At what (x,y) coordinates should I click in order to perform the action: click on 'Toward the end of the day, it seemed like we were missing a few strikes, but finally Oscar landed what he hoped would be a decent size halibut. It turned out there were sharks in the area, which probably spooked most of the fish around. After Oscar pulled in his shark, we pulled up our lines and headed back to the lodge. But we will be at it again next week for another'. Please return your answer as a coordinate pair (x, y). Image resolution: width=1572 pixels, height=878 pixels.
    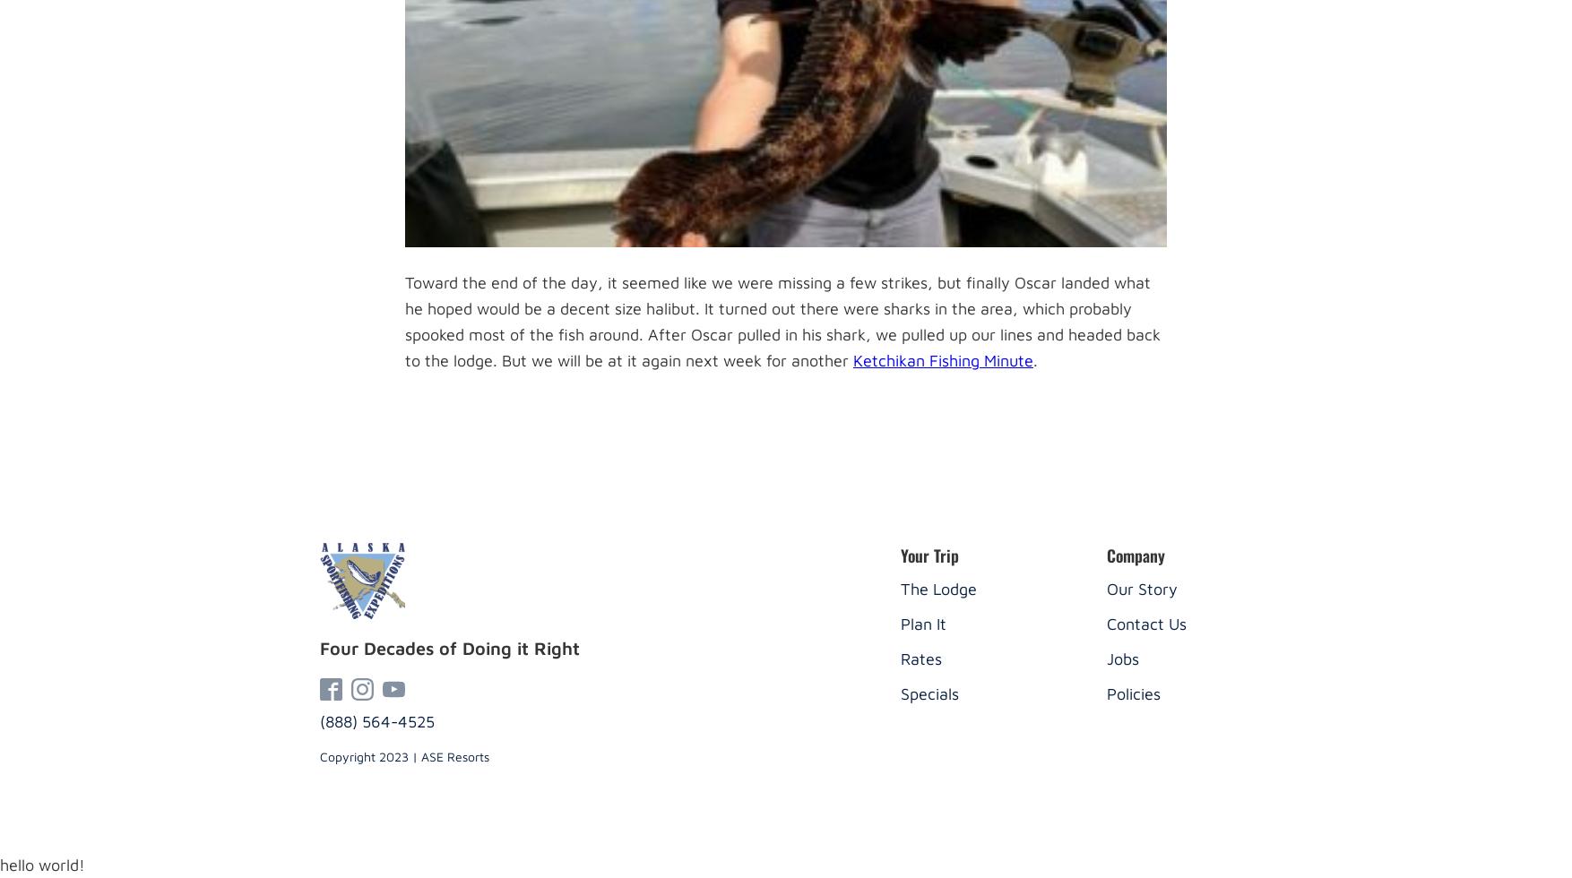
    Looking at the image, I should click on (782, 321).